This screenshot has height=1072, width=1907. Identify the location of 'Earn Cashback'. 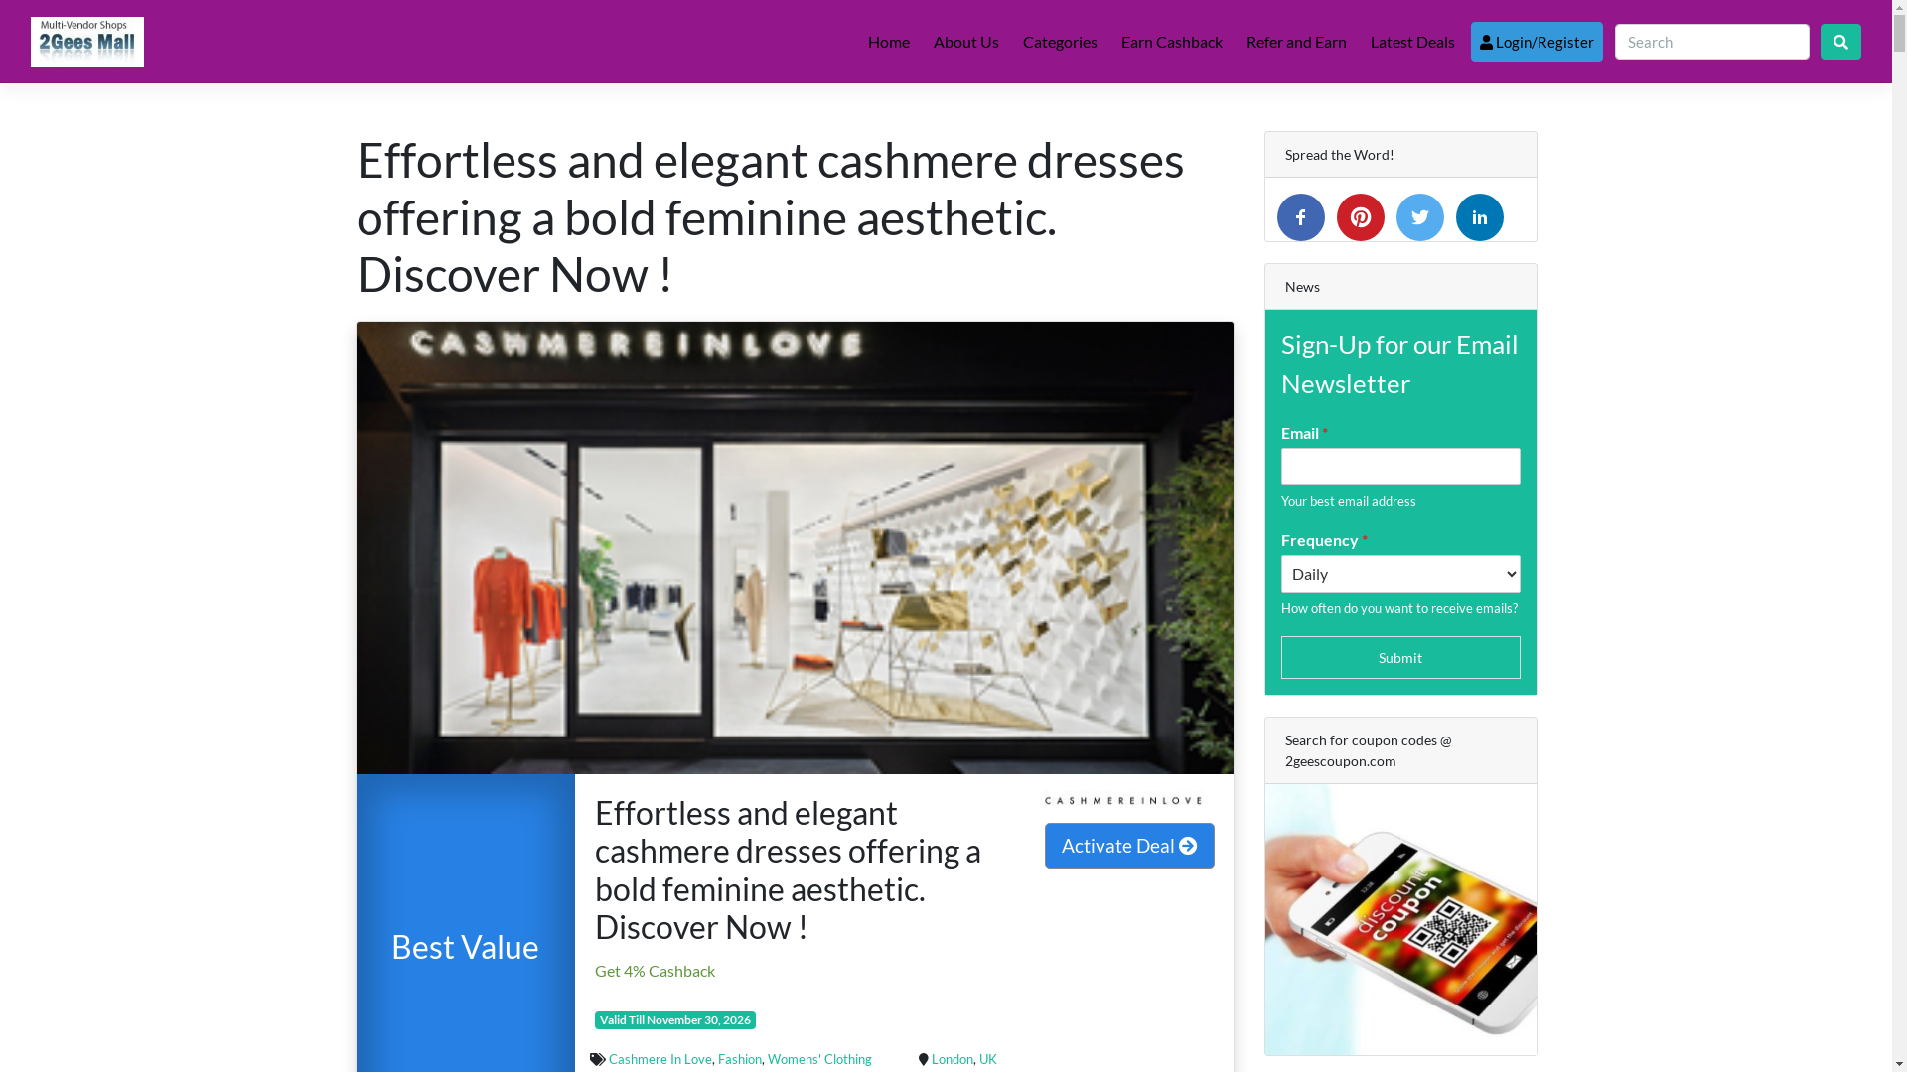
(1172, 42).